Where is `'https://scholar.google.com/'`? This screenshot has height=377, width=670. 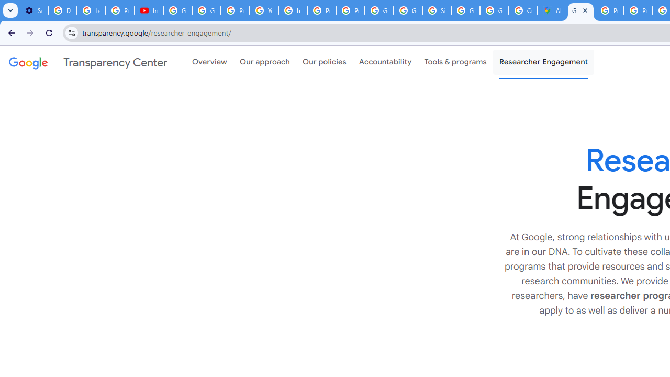 'https://scholar.google.com/' is located at coordinates (293, 10).